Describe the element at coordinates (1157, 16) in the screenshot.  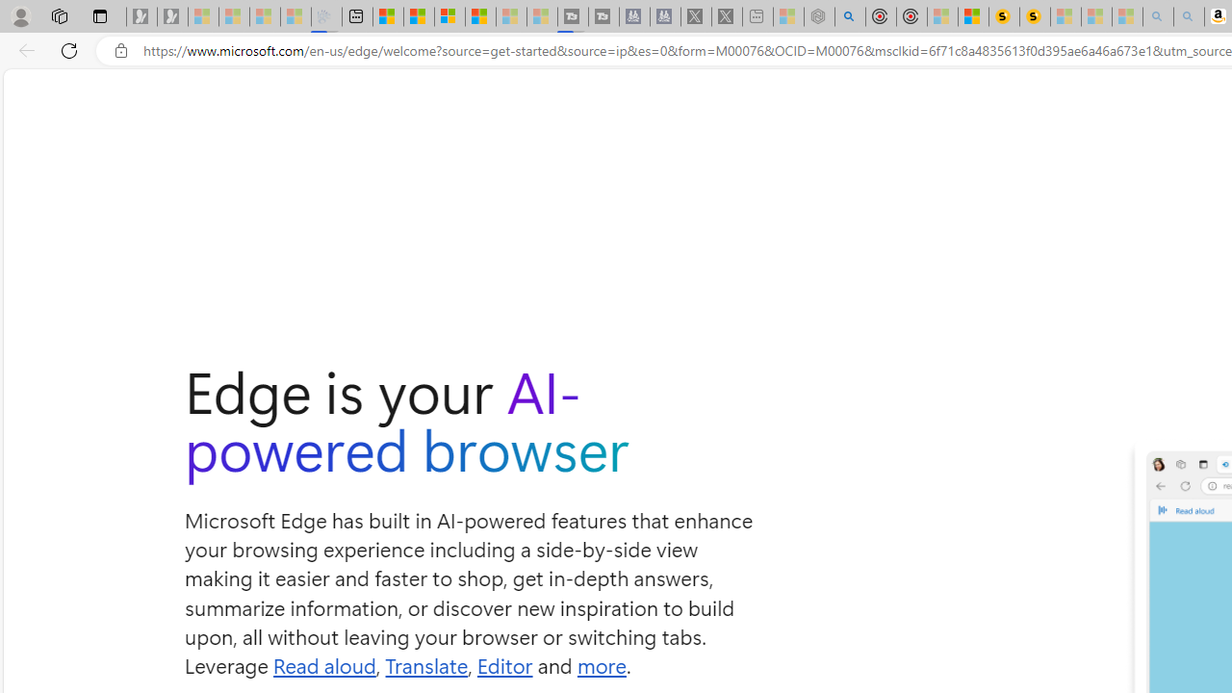
I see `'amazon - Search - Sleeping'` at that location.